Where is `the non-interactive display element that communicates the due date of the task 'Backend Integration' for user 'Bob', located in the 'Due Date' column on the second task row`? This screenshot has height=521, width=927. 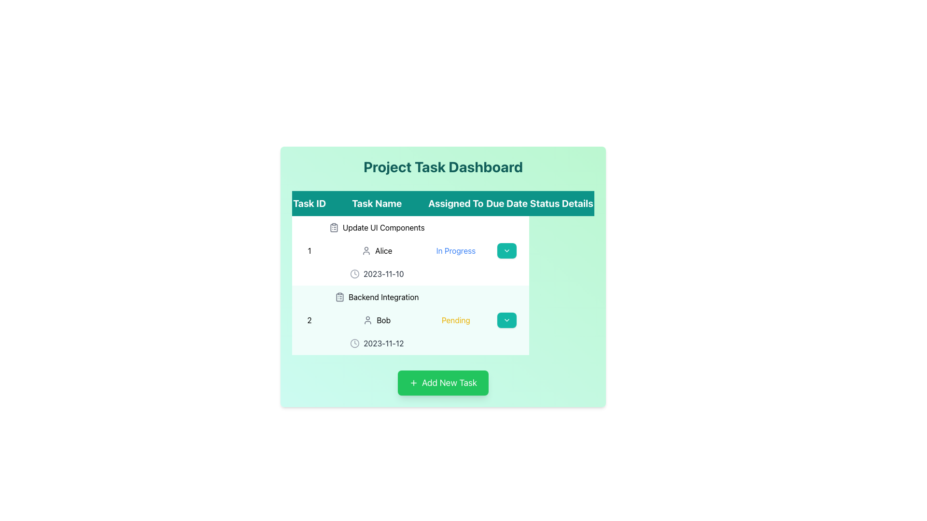
the non-interactive display element that communicates the due date of the task 'Backend Integration' for user 'Bob', located in the 'Due Date' column on the second task row is located at coordinates (376, 343).